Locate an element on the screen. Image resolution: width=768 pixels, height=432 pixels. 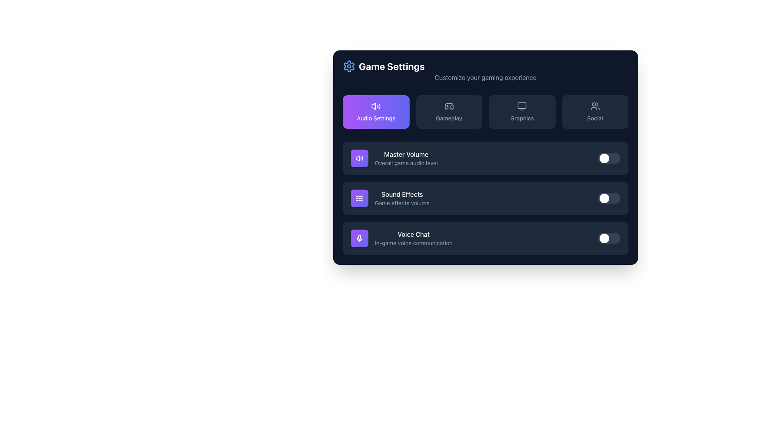
the 'Master Volume' label with icon that features a bold white font header and a purple circular icon with a white speaker symbol, located in the audio settings menu is located at coordinates (394, 158).